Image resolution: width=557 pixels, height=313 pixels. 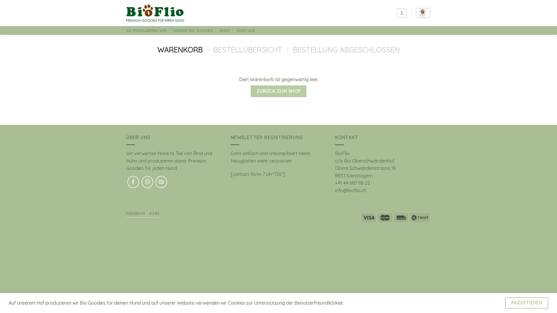 I want to click on 'Sende uns eine E-Mail', so click(x=161, y=182).